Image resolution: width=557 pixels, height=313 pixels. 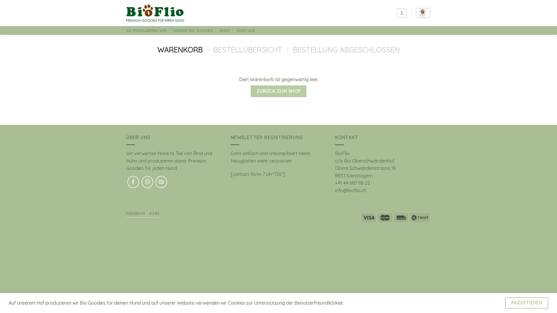 I want to click on 'Sende uns eine E-Mail', so click(x=161, y=182).